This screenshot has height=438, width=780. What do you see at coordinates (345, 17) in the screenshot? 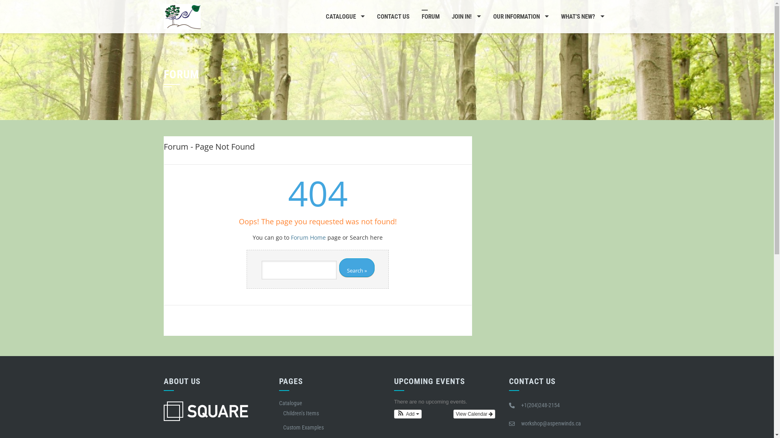
I see `'CATALOGUE'` at bounding box center [345, 17].